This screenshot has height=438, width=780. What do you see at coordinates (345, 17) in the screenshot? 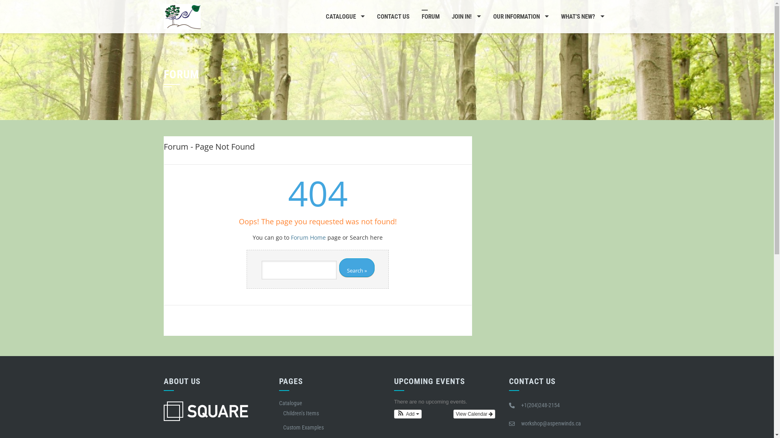
I see `'CATALOGUE'` at bounding box center [345, 17].